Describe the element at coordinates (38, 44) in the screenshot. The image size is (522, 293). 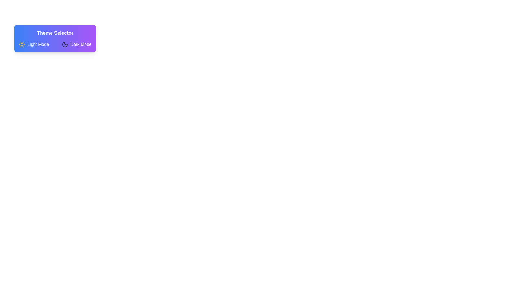
I see `the 'Light Mode' label, which indicates the current or selectable theme mode for the user interface, located in the top-left section of the interface` at that location.